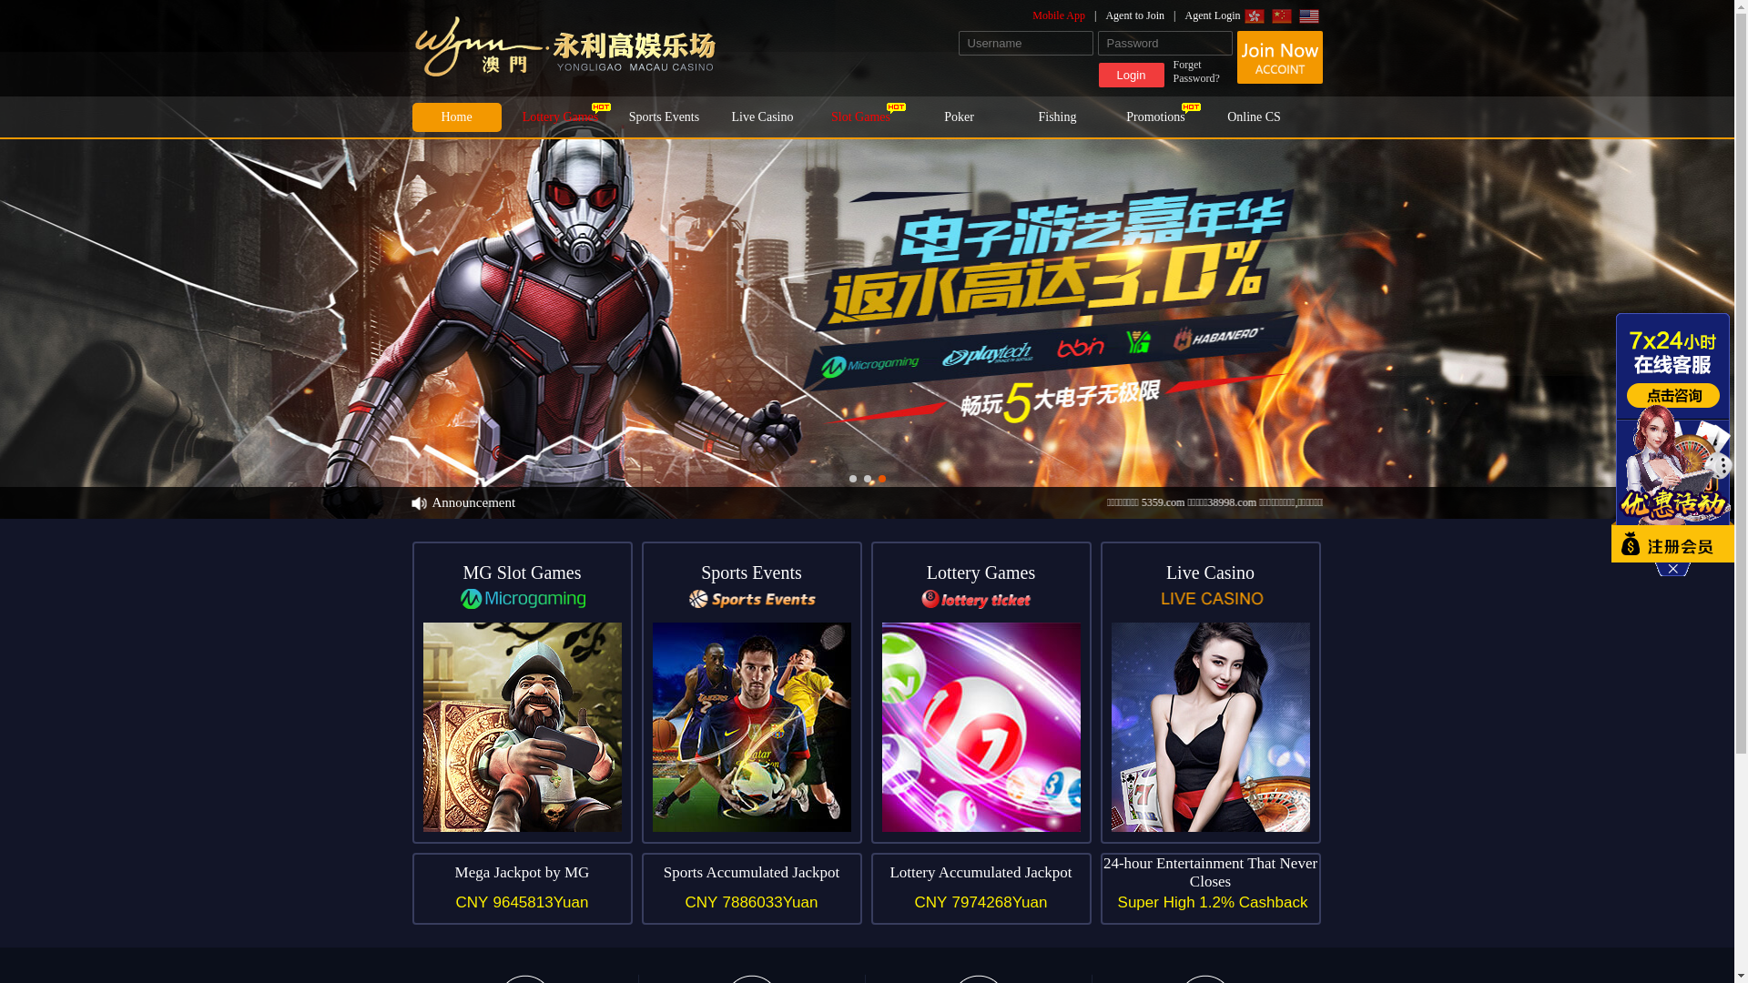  I want to click on 'Agent Login', so click(1184, 15).